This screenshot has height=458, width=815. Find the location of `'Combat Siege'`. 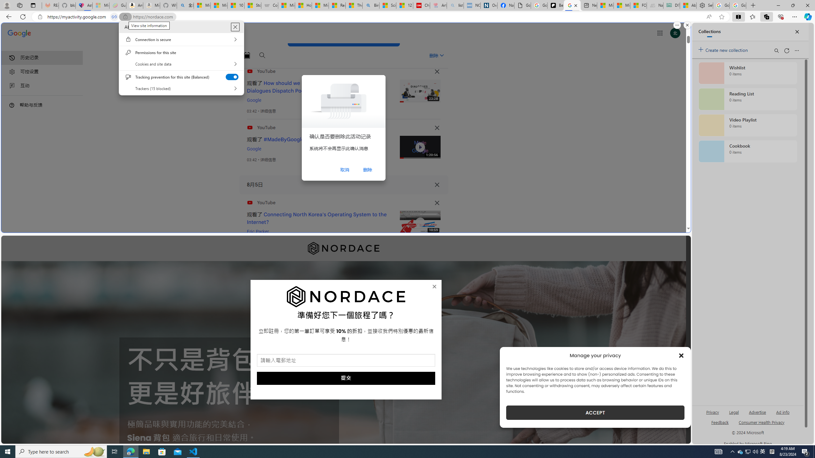

'Combat Siege' is located at coordinates (270, 5).